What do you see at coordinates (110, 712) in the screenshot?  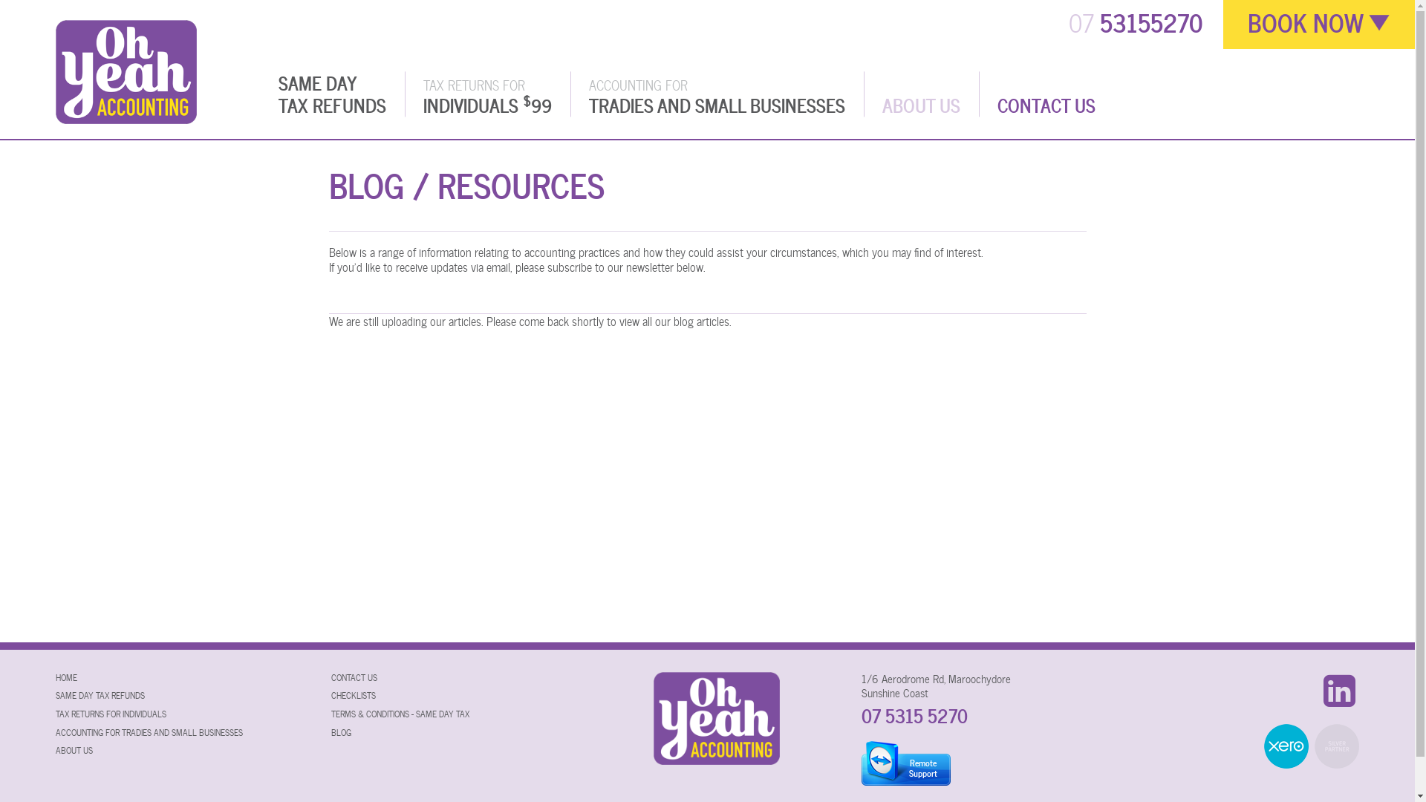 I see `'TAX RETURNS FOR INDIVIDUALS'` at bounding box center [110, 712].